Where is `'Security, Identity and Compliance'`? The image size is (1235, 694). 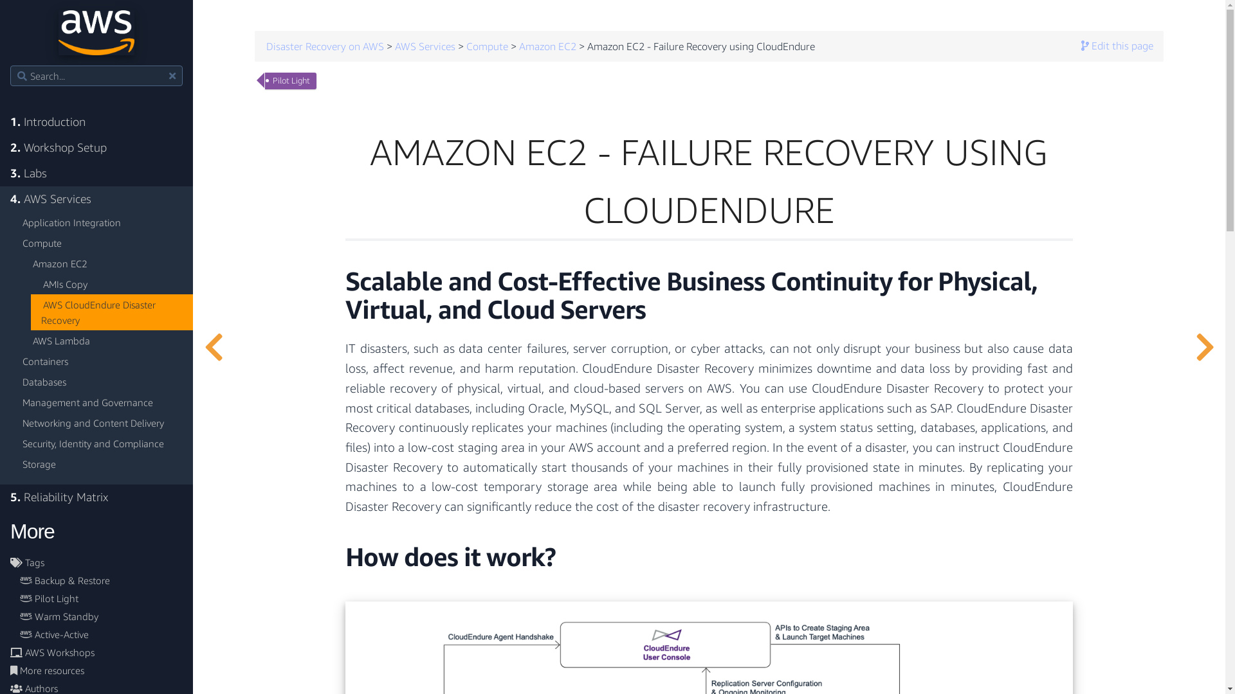
'Security, Identity and Compliance' is located at coordinates (101, 443).